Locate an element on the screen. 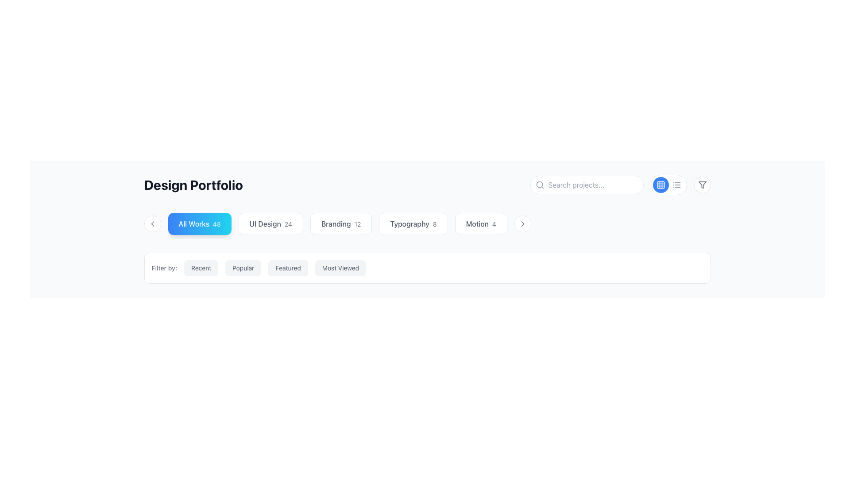 This screenshot has width=850, height=478. the prominent triangular-shaped filter icon located in the upper-right section of the interface is located at coordinates (702, 184).